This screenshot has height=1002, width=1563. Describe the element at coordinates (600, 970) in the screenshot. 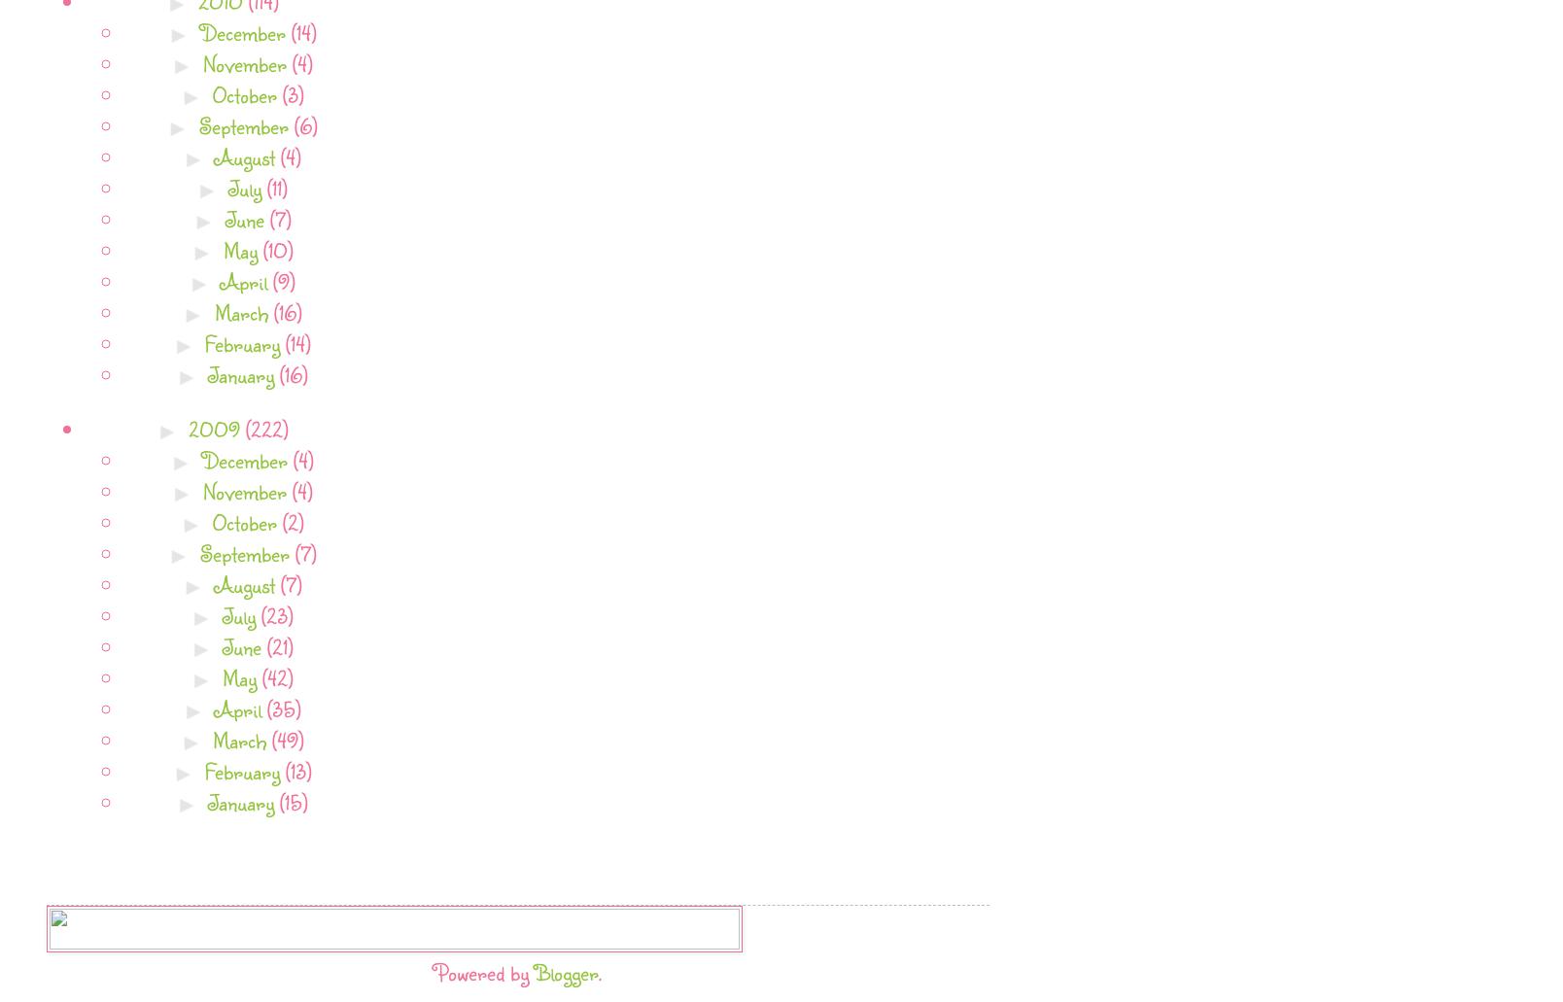

I see `'.'` at that location.